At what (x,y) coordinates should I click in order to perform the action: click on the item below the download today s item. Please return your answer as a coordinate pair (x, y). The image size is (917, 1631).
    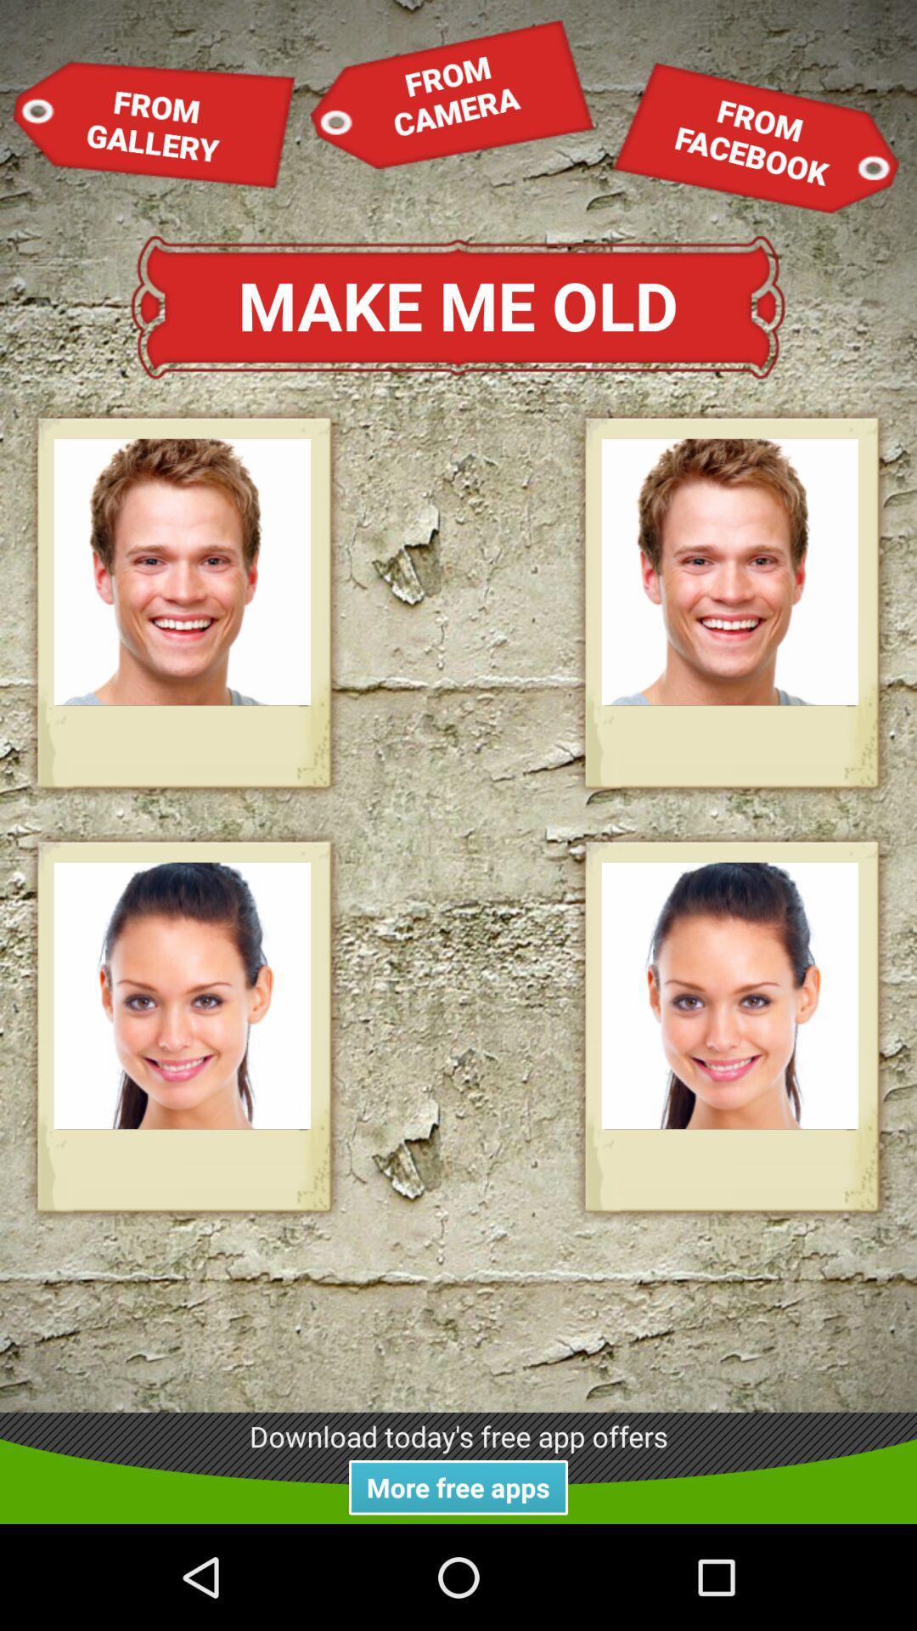
    Looking at the image, I should click on (458, 1487).